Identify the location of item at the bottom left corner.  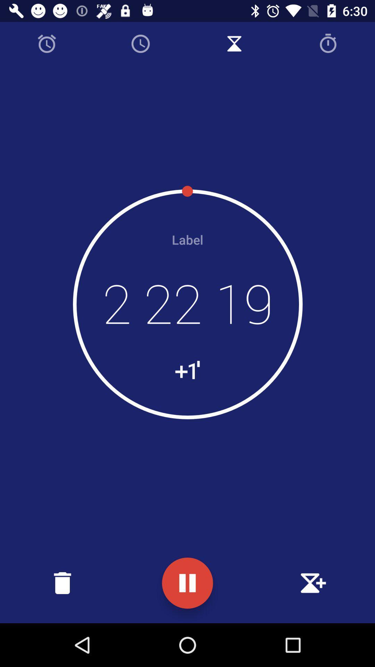
(62, 583).